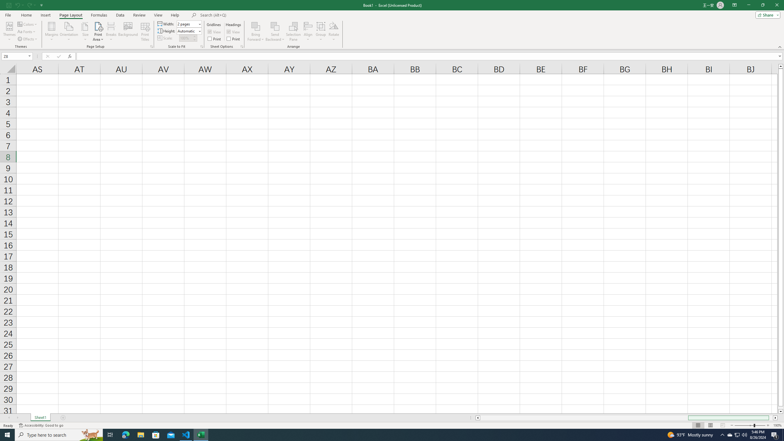 The height and width of the screenshot is (441, 784). Describe the element at coordinates (25, 5) in the screenshot. I see `'Quick Access Toolbar'` at that location.